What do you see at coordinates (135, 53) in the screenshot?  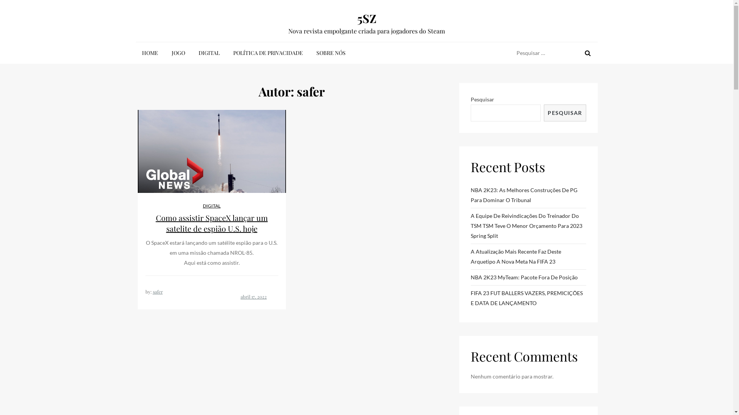 I see `'HOME'` at bounding box center [135, 53].